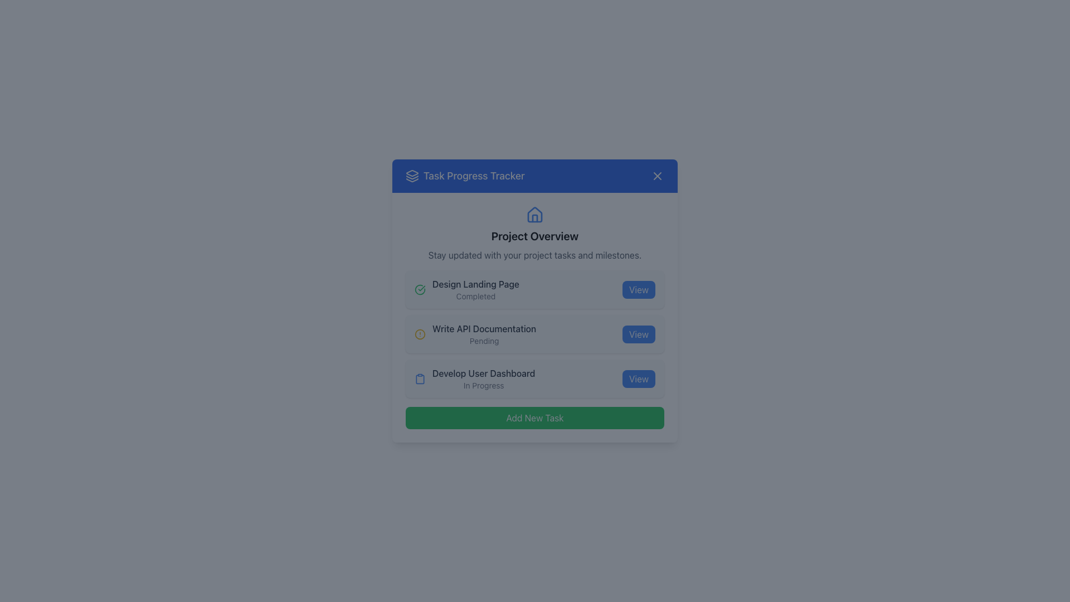 This screenshot has height=602, width=1070. What do you see at coordinates (484, 373) in the screenshot?
I see `the static text element reading 'Develop User Dashboard' located in the third row of the task list within the modal` at bounding box center [484, 373].